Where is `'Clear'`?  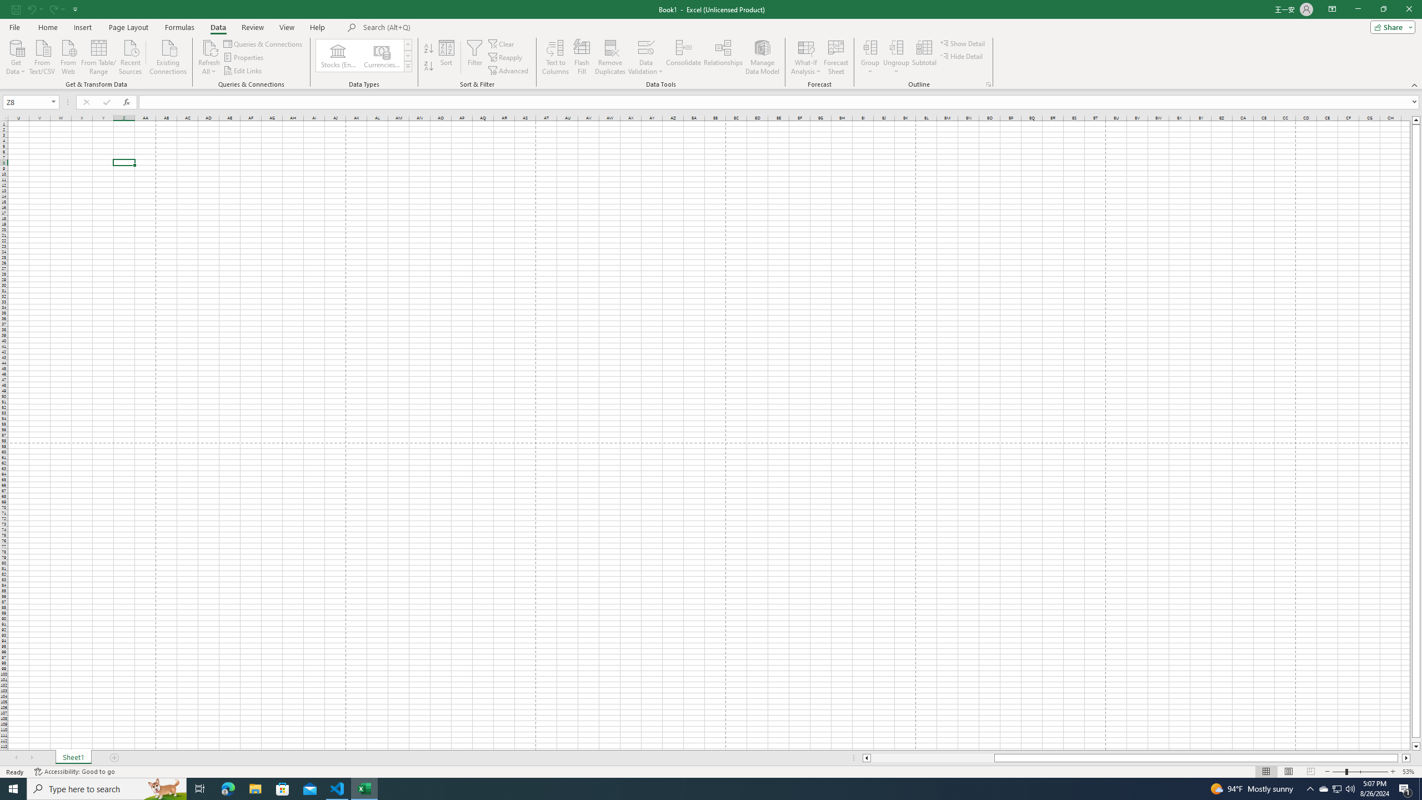 'Clear' is located at coordinates (501, 43).